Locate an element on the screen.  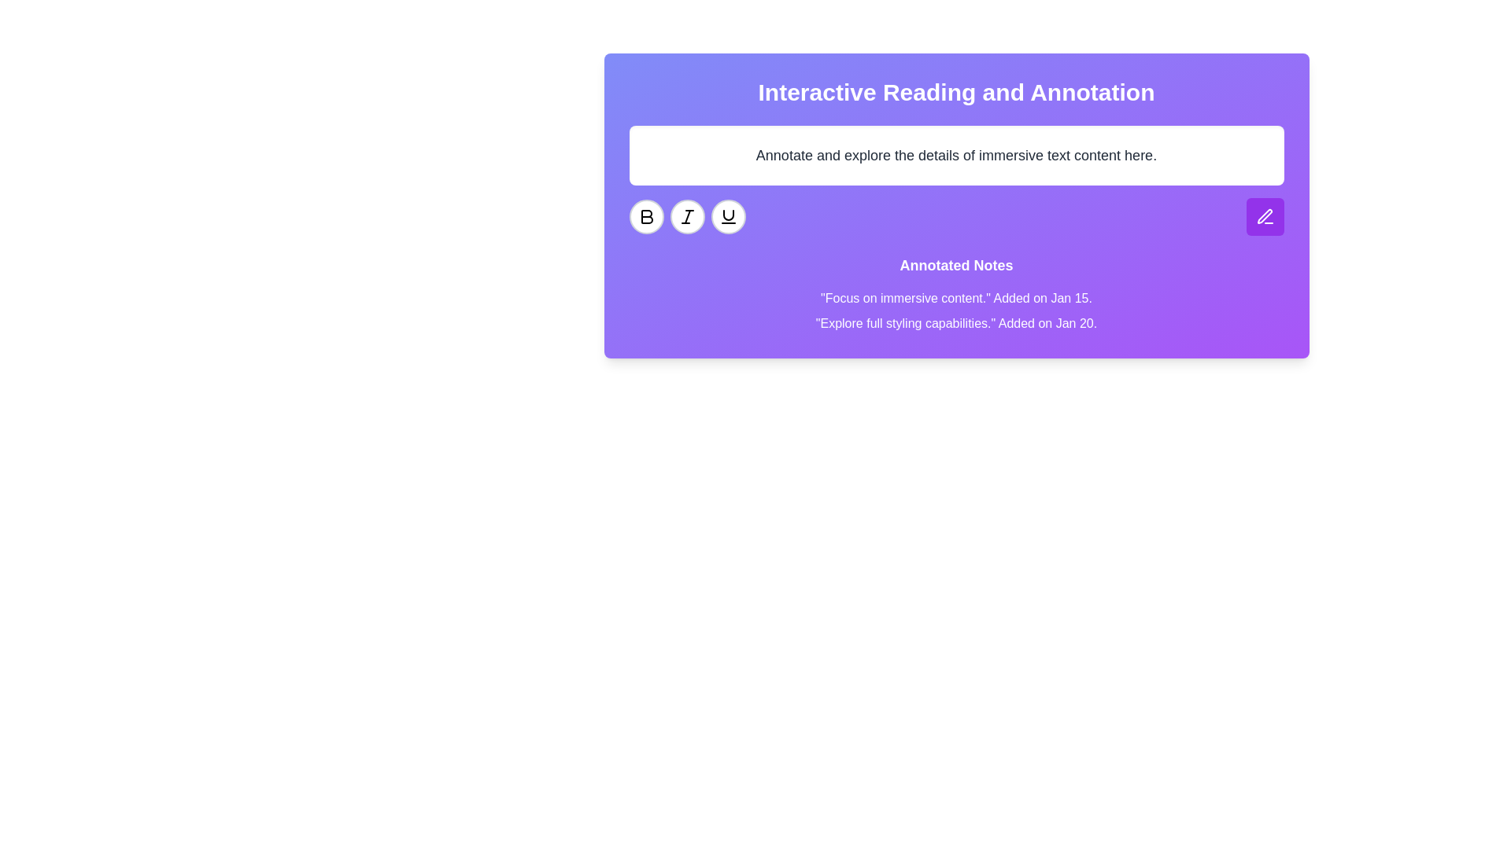
the bold icon button, which is the first formatting option on the left of the text input area is located at coordinates (646, 217).